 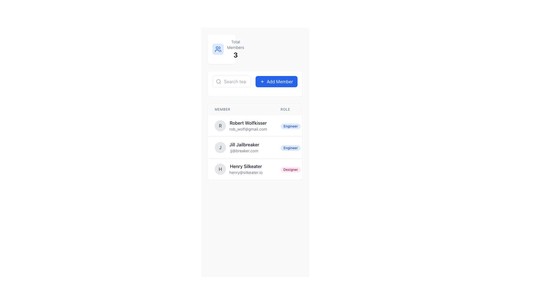 I want to click on the text label displaying 'Henry Silkeater' in the Member listing, which is positioned in the third row under the 'Member' column header, so click(x=246, y=166).